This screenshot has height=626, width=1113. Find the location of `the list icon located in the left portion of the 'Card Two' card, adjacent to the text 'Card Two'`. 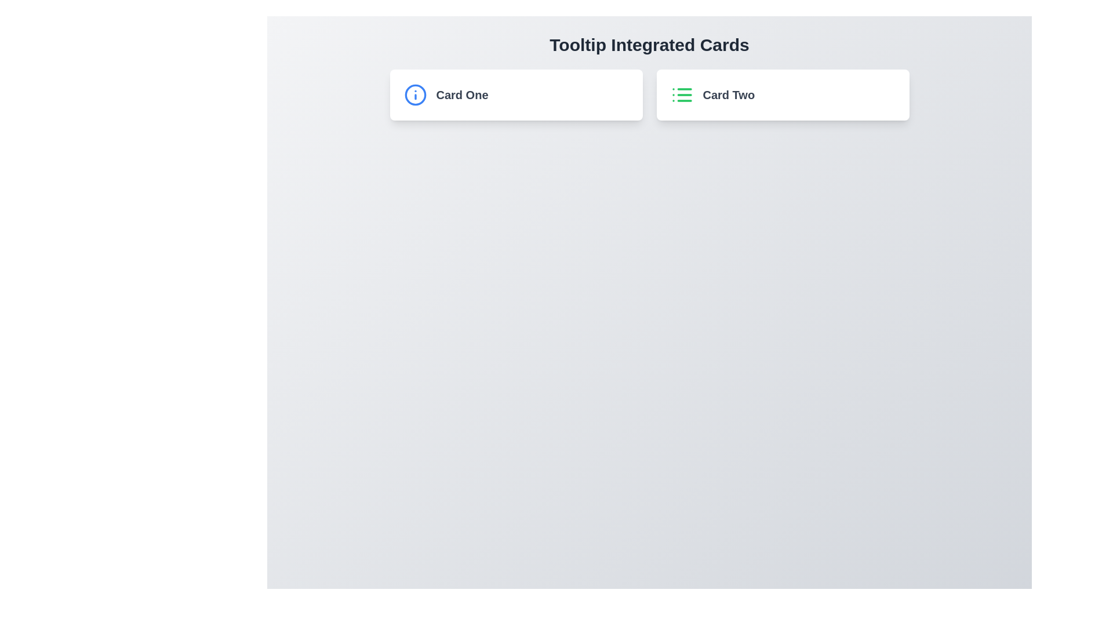

the list icon located in the left portion of the 'Card Two' card, adjacent to the text 'Card Two' is located at coordinates (682, 94).